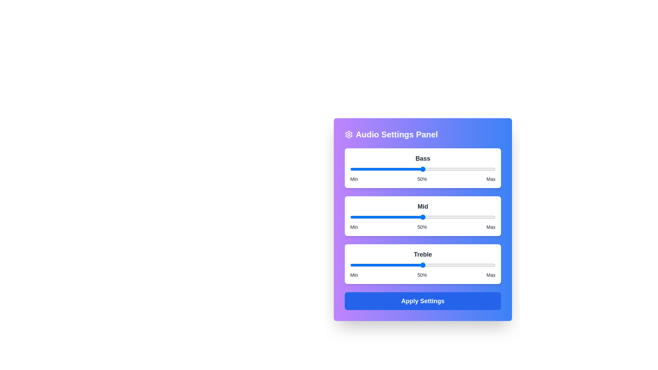 This screenshot has height=370, width=658. Describe the element at coordinates (400, 265) in the screenshot. I see `the treble level` at that location.